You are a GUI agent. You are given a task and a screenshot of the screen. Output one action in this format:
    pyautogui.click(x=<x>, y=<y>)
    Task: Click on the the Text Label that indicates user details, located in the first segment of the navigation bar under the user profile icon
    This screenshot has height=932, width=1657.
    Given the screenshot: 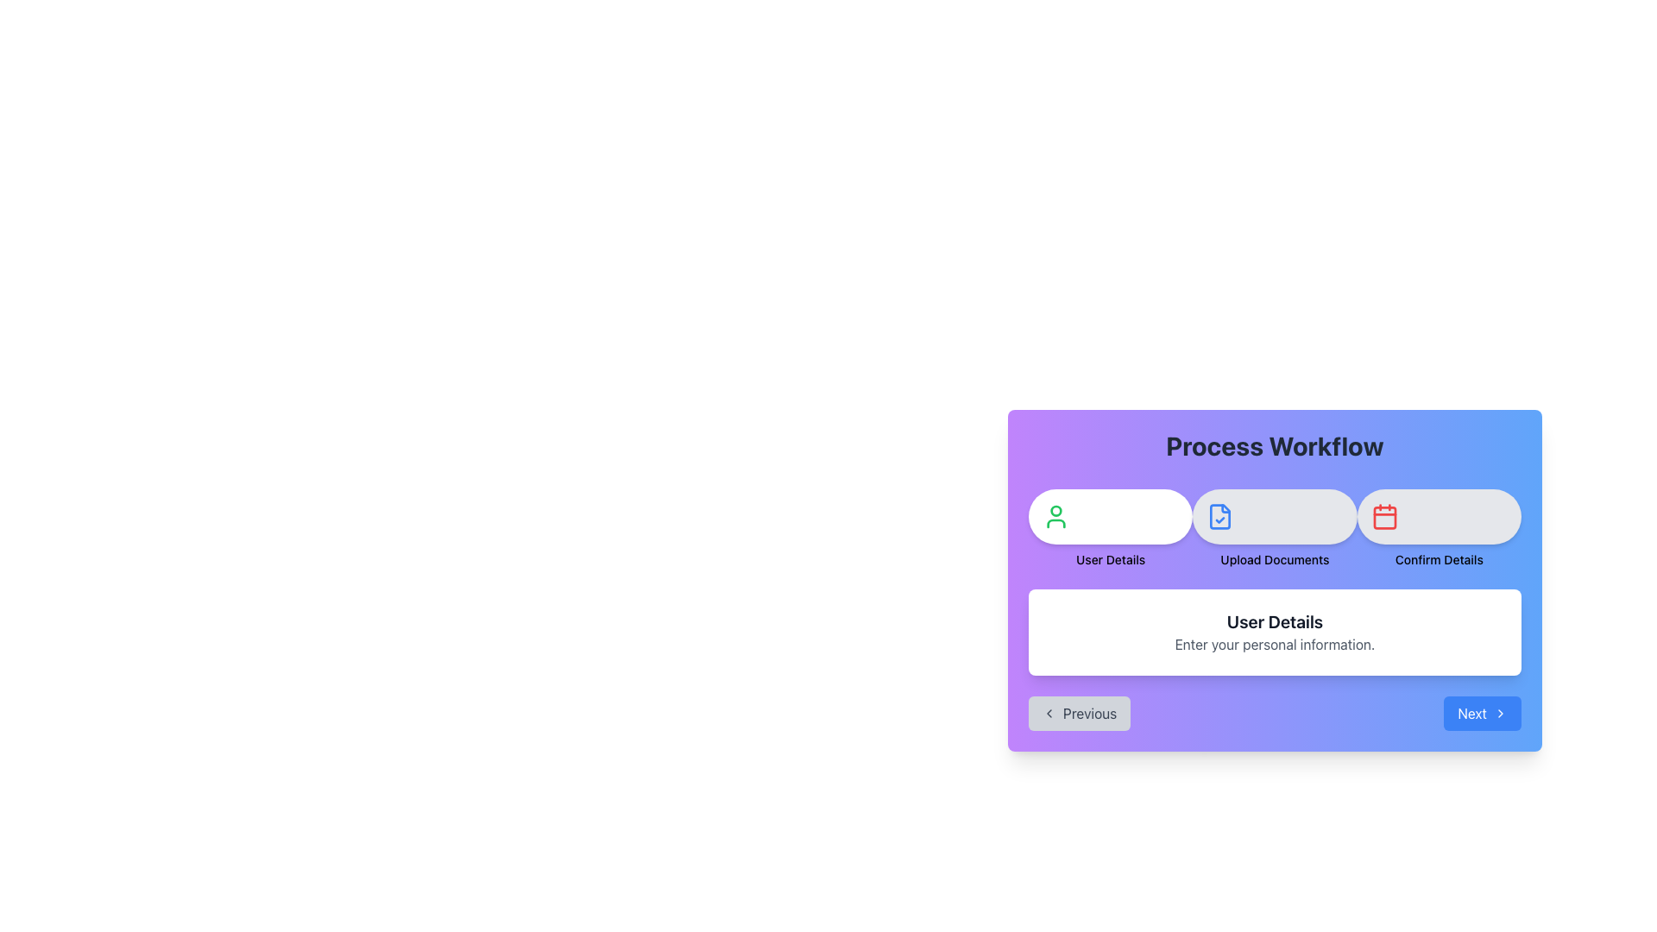 What is the action you would take?
    pyautogui.click(x=1111, y=559)
    